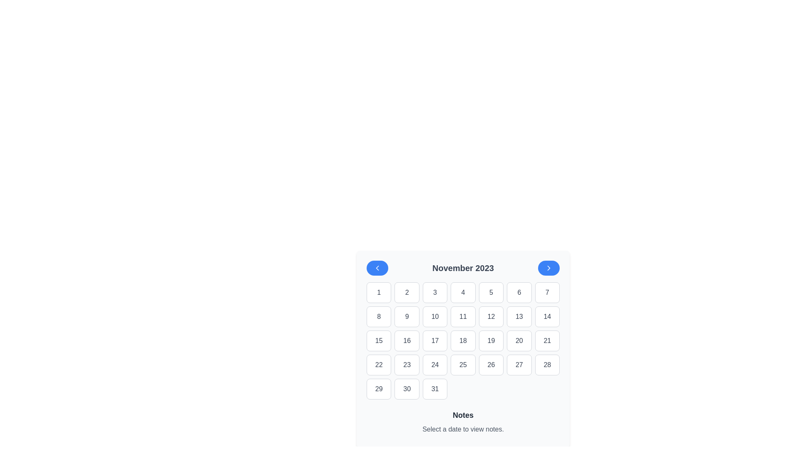 Image resolution: width=799 pixels, height=449 pixels. I want to click on the chevron icon located at the top-right corner of the calendar interface, which is nested within a rounded blue button, so click(549, 268).